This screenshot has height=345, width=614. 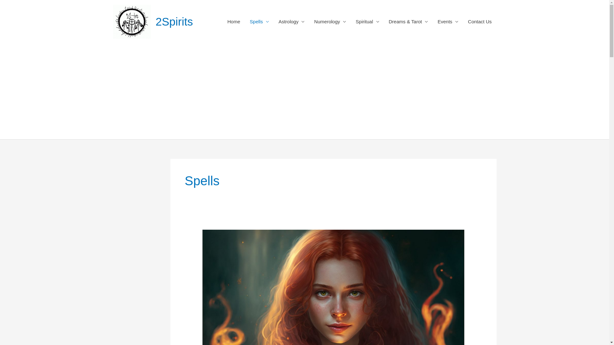 What do you see at coordinates (447, 21) in the screenshot?
I see `'Events'` at bounding box center [447, 21].